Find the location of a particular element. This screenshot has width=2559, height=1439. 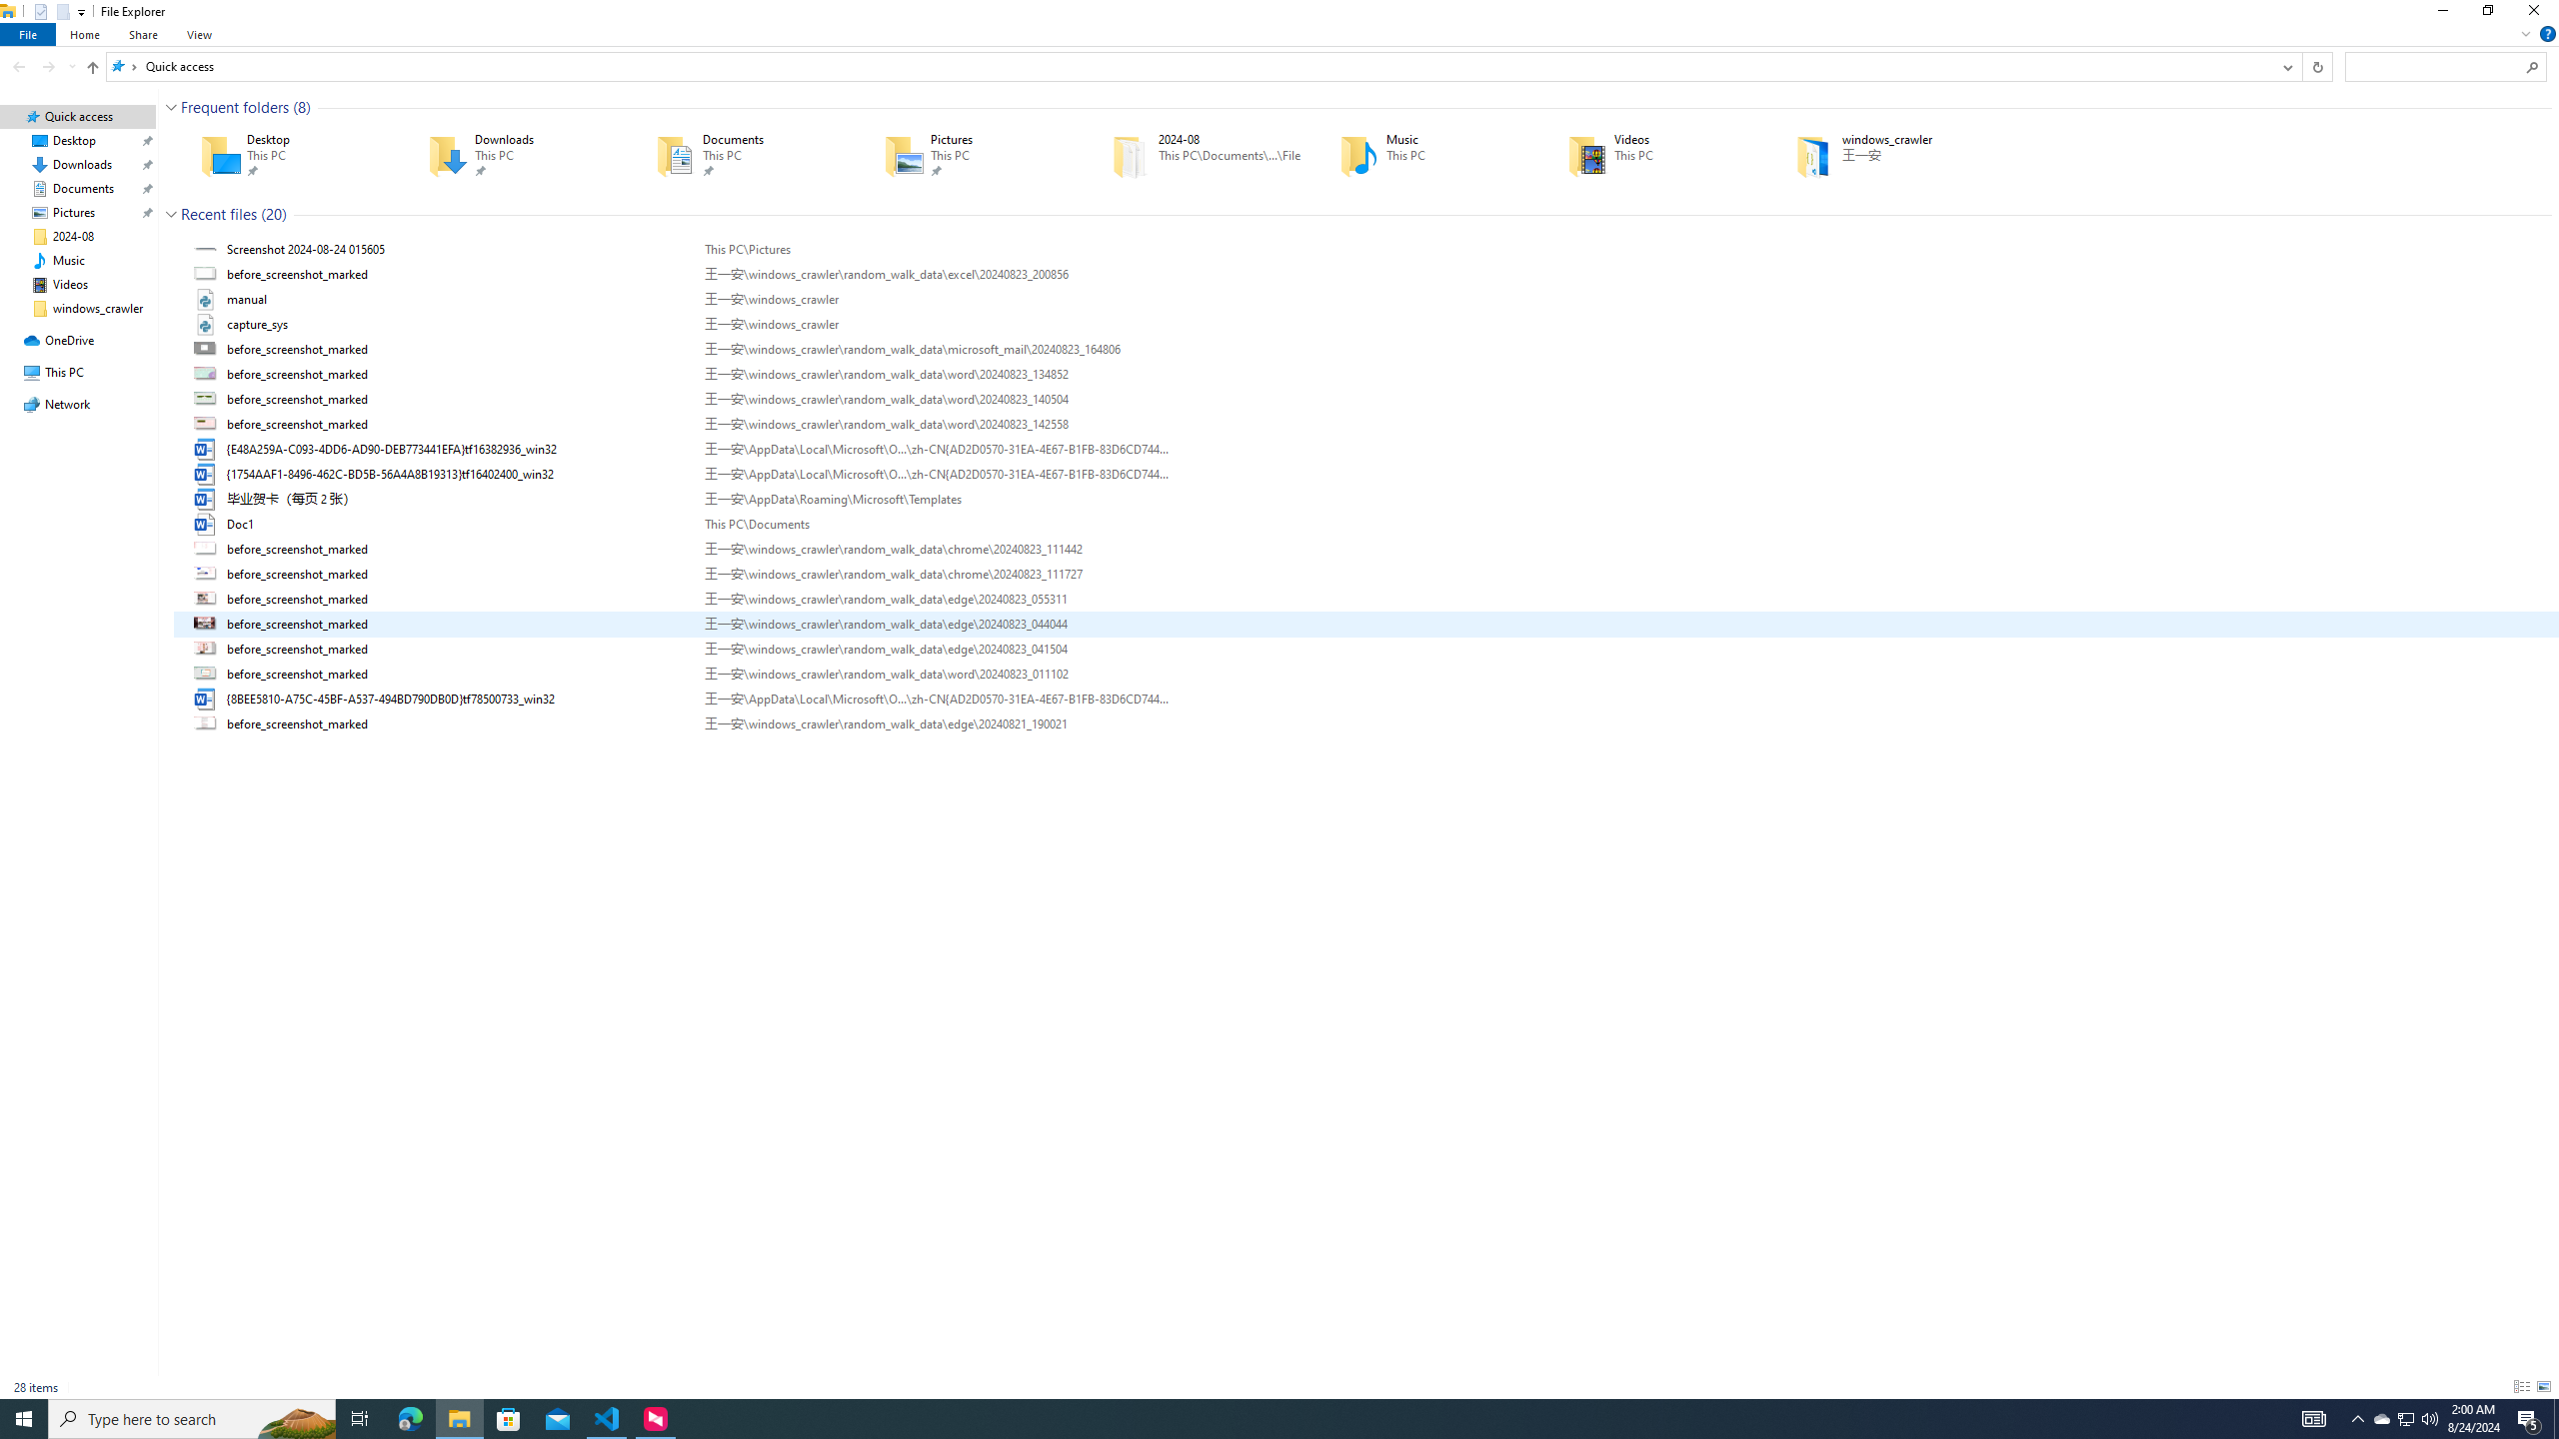

'Desktop' is located at coordinates (285, 154).